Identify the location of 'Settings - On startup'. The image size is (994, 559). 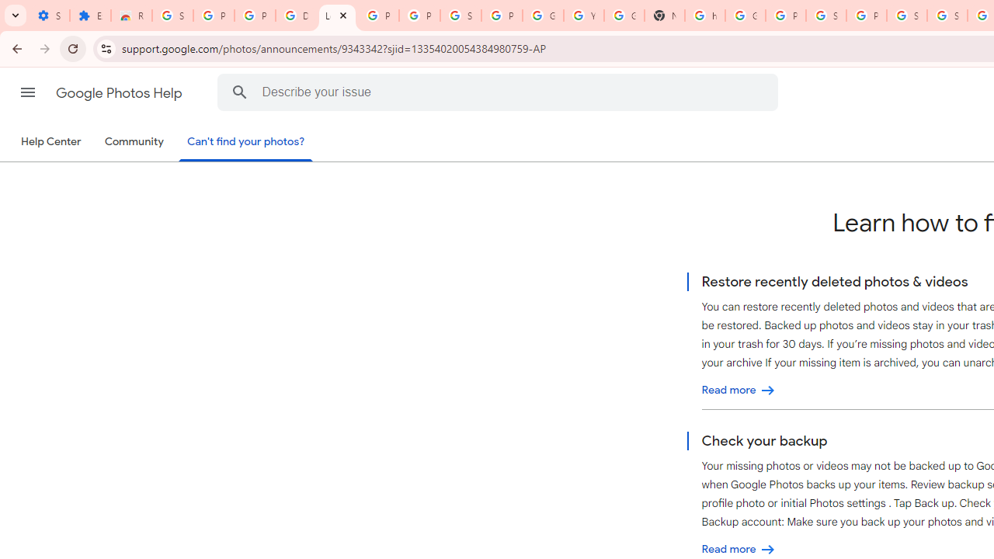
(49, 16).